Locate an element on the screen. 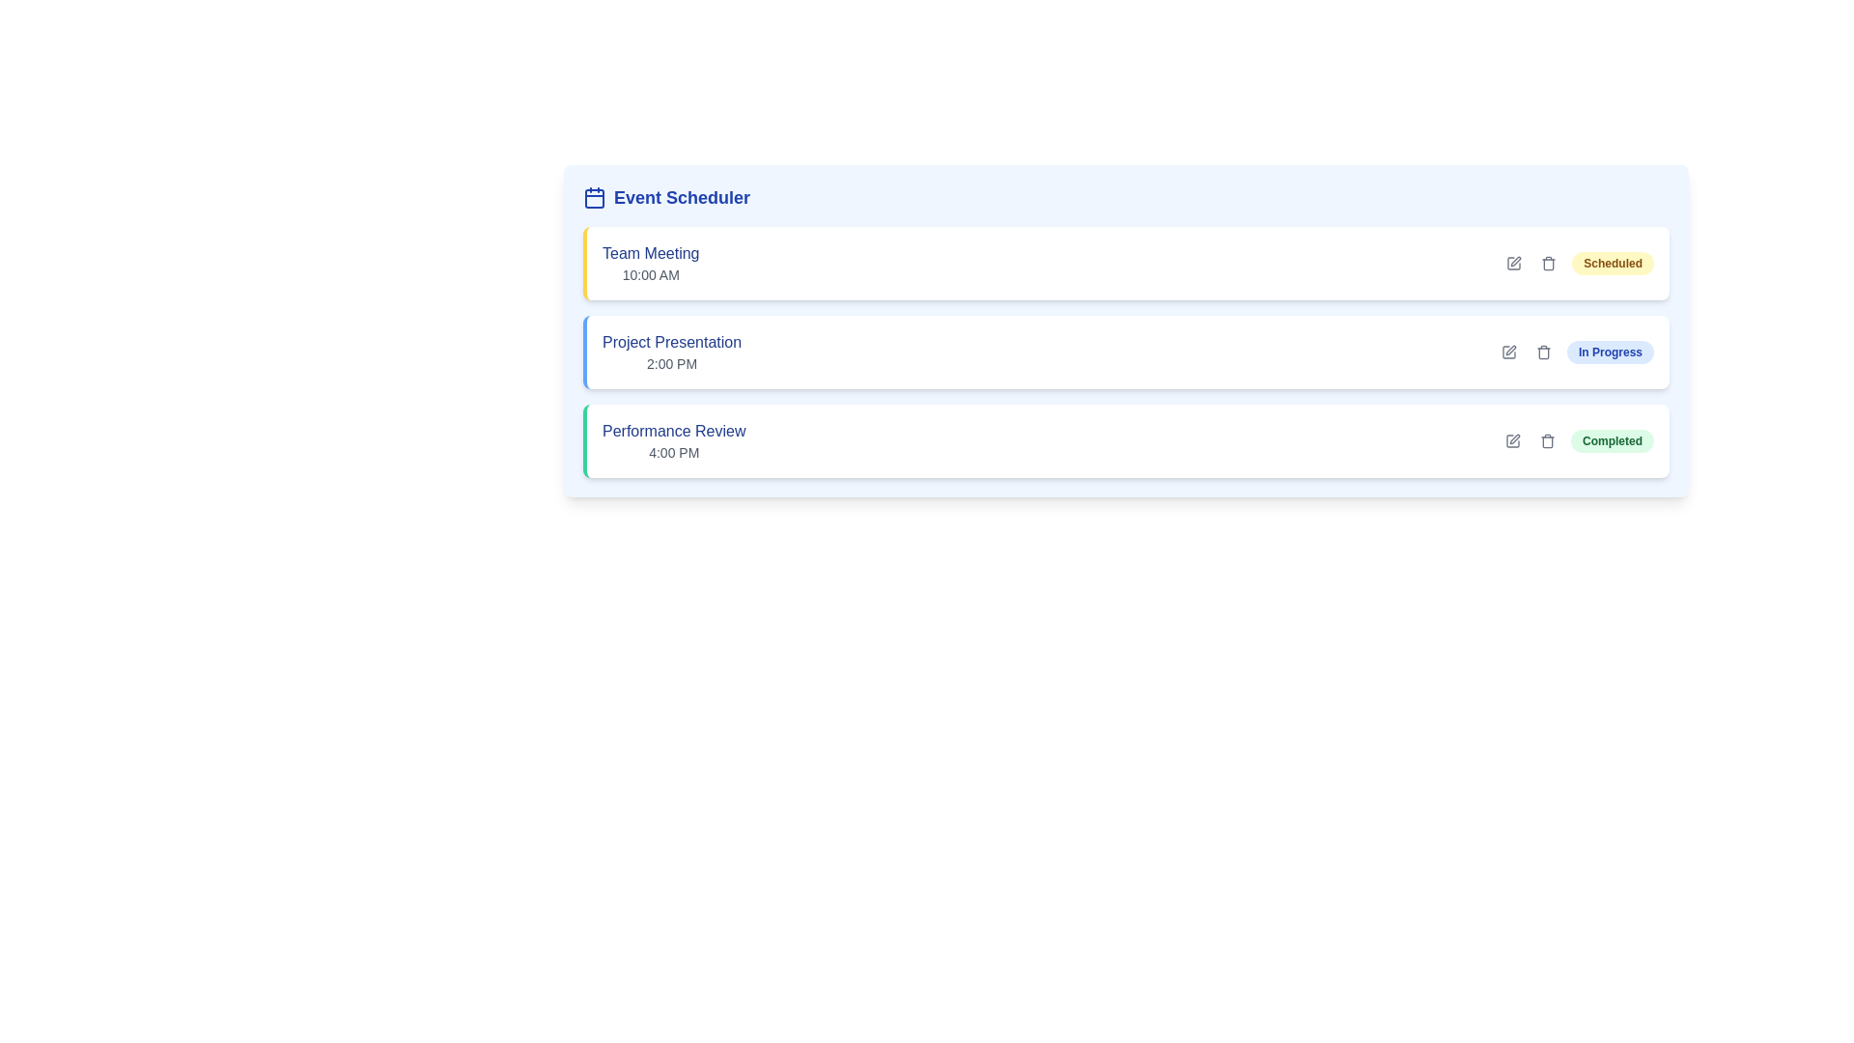 This screenshot has width=1854, height=1043. the status of the text label reading 'In Progress' located in the rightmost section of the 'Project Presentation' card, adjacent to the edit and trash icons is located at coordinates (1576, 352).